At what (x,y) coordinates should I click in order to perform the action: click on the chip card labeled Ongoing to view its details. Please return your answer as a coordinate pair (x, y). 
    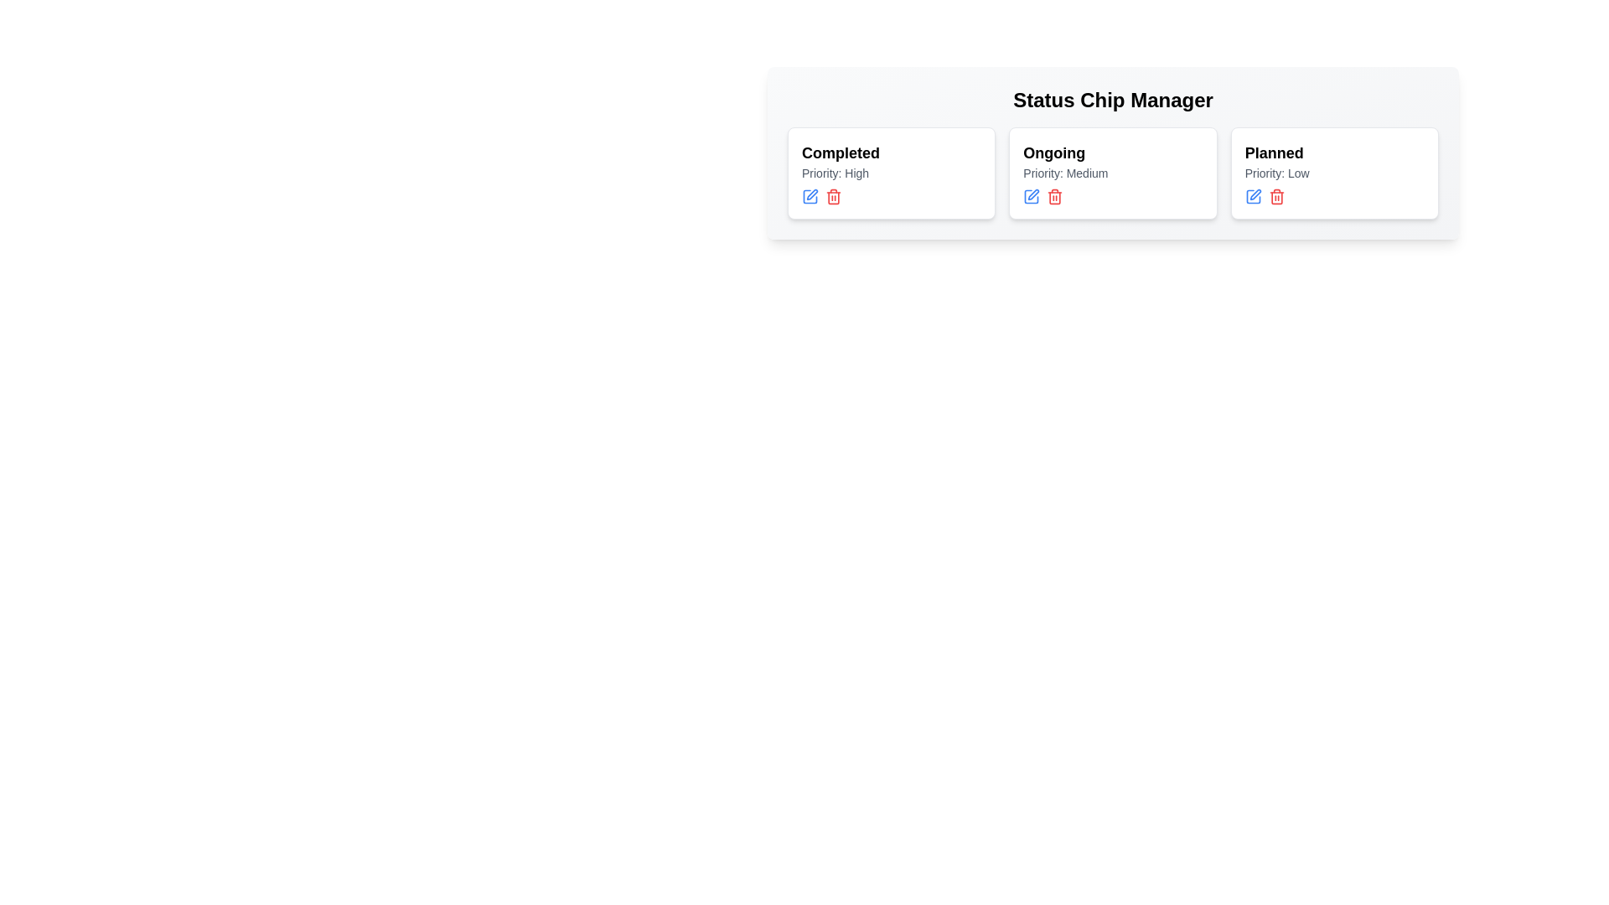
    Looking at the image, I should click on (1113, 173).